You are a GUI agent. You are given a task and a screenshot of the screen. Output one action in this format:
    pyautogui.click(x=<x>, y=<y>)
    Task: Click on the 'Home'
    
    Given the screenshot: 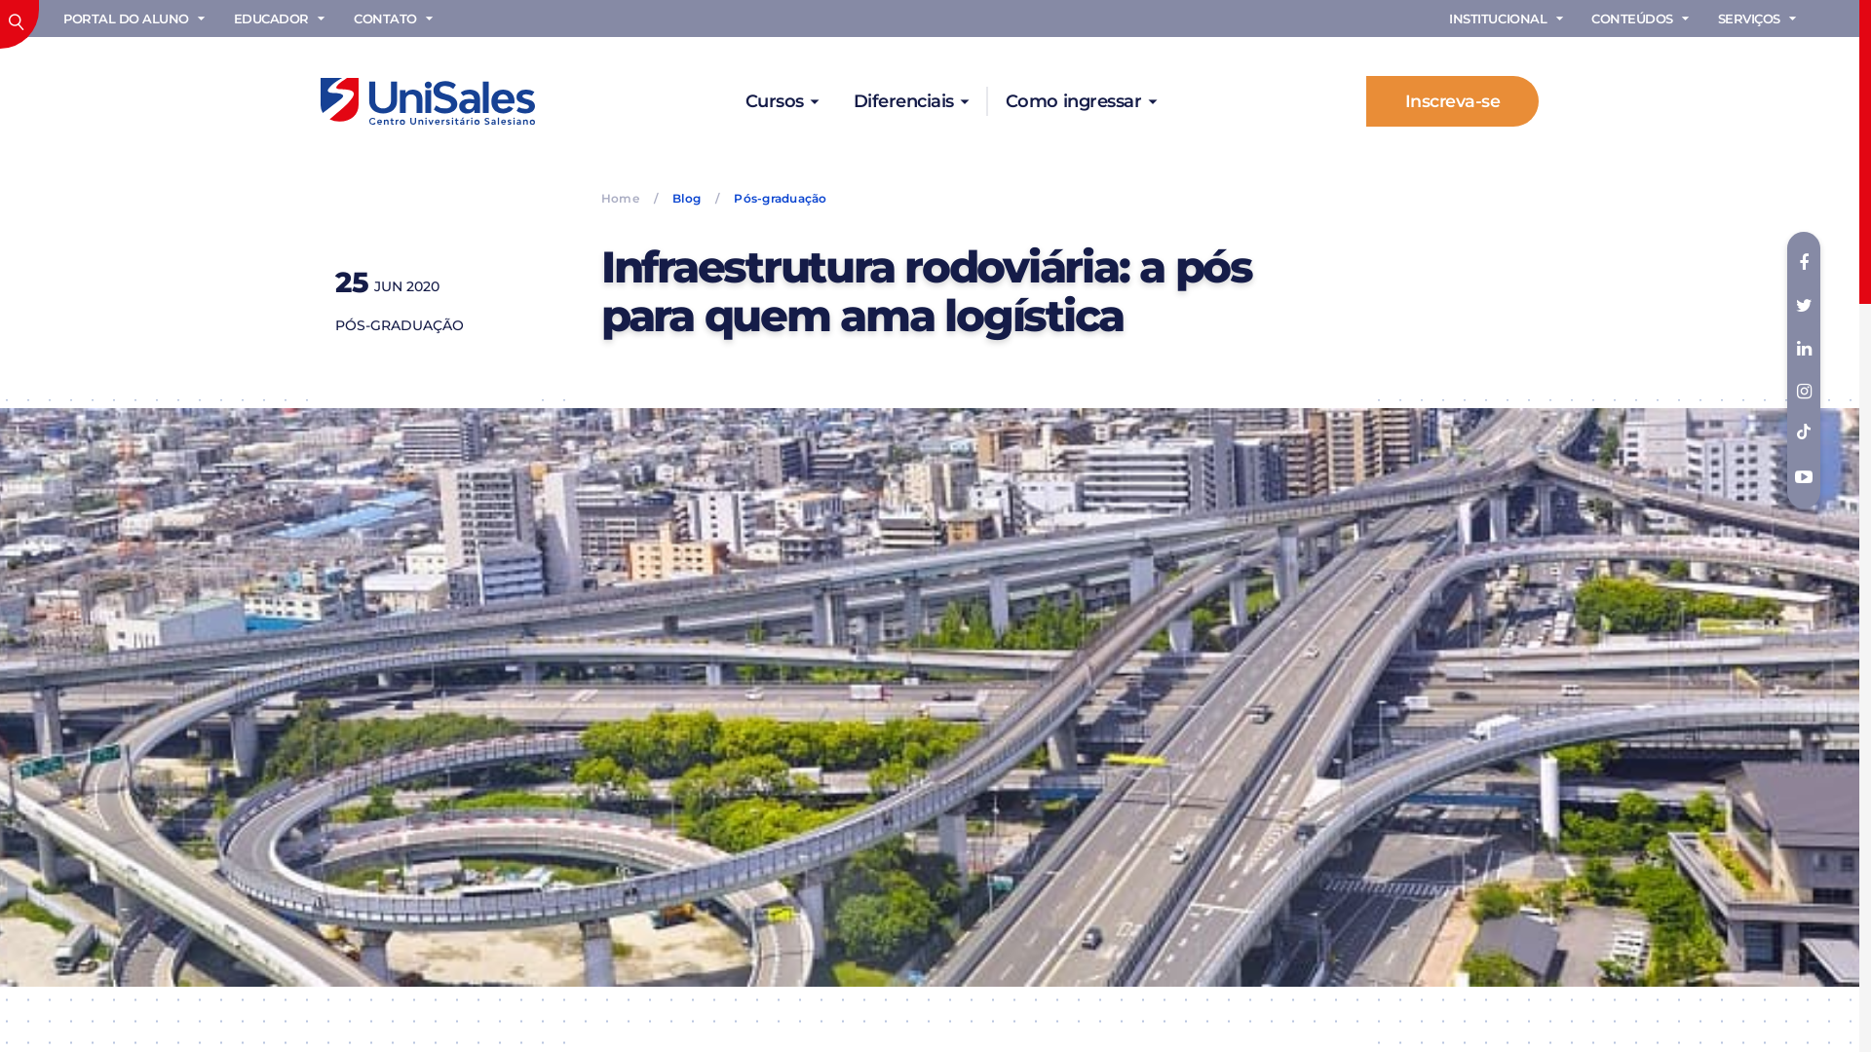 What is the action you would take?
    pyautogui.click(x=627, y=199)
    